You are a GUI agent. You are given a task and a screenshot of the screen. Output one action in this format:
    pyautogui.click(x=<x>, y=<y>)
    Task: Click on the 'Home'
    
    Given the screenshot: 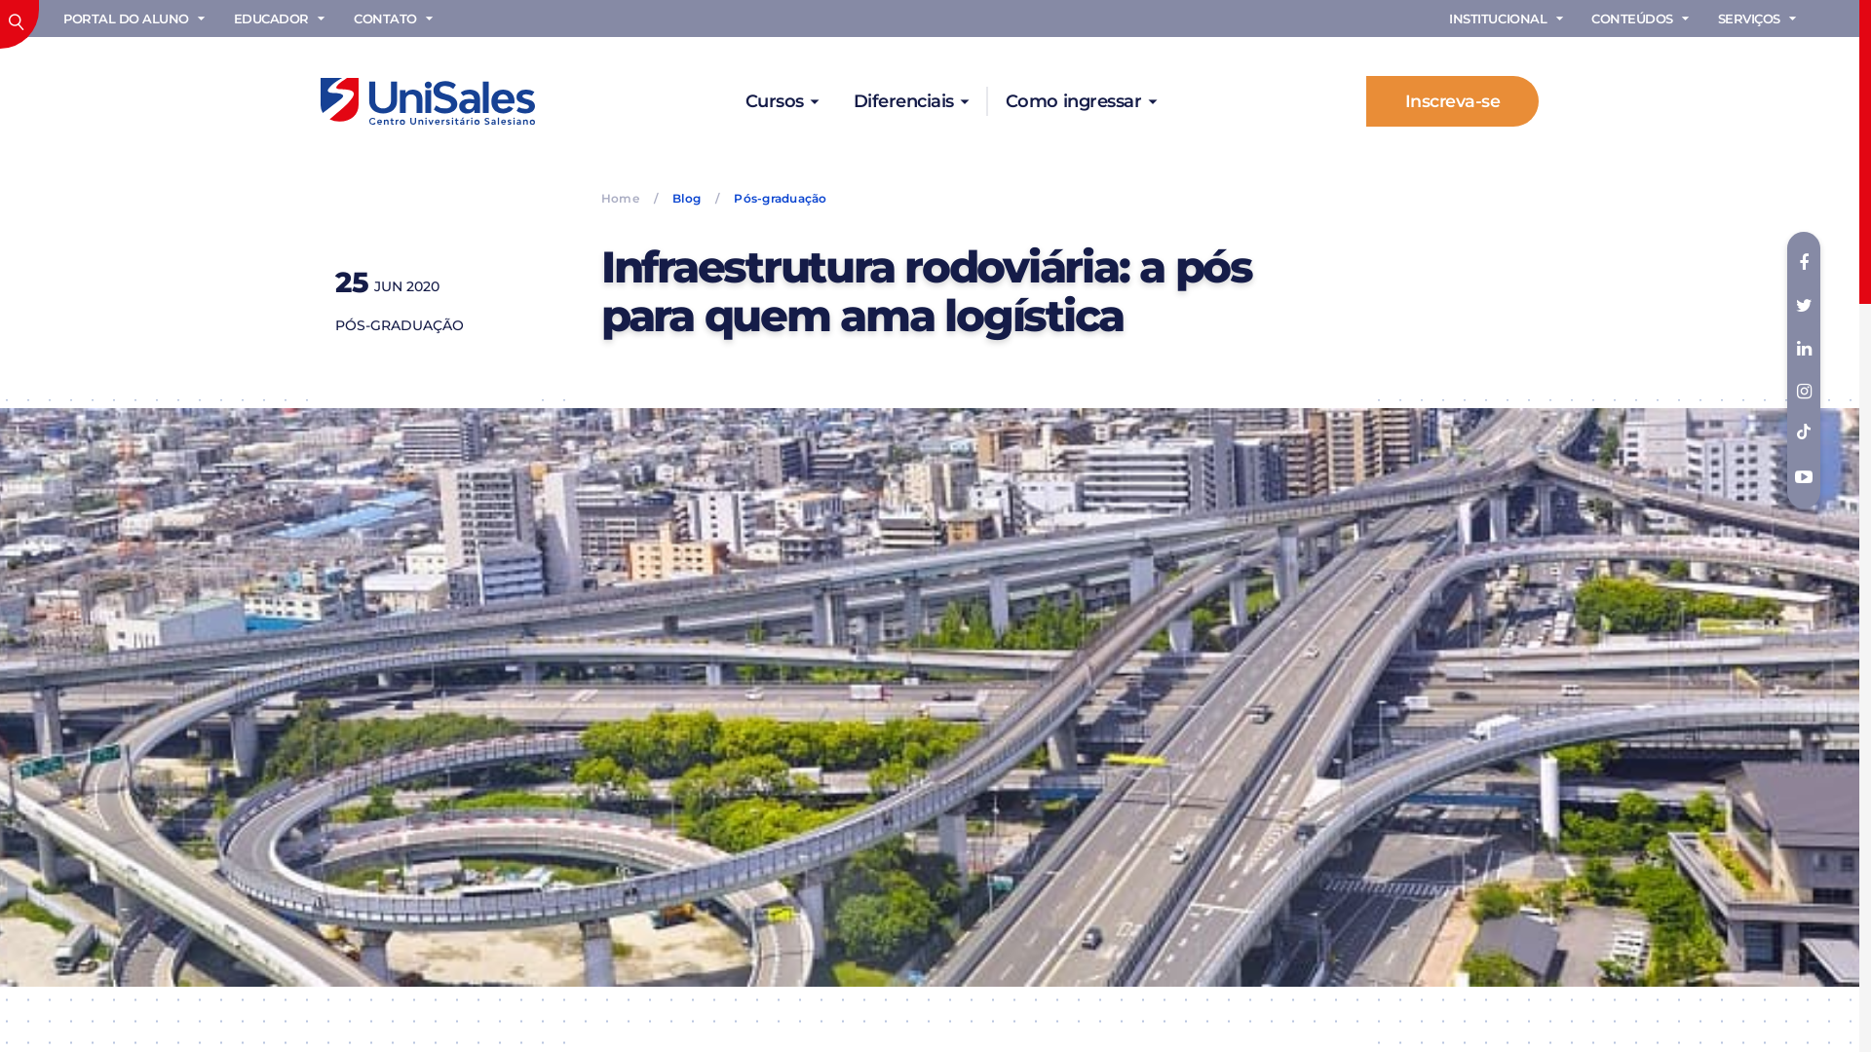 What is the action you would take?
    pyautogui.click(x=627, y=199)
    